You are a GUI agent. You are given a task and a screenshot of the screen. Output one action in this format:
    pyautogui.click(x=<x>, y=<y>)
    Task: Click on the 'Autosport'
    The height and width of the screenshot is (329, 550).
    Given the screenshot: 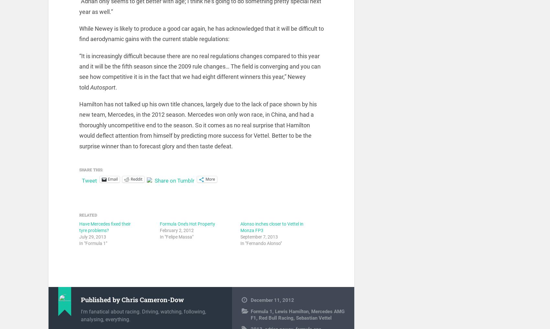 What is the action you would take?
    pyautogui.click(x=103, y=91)
    